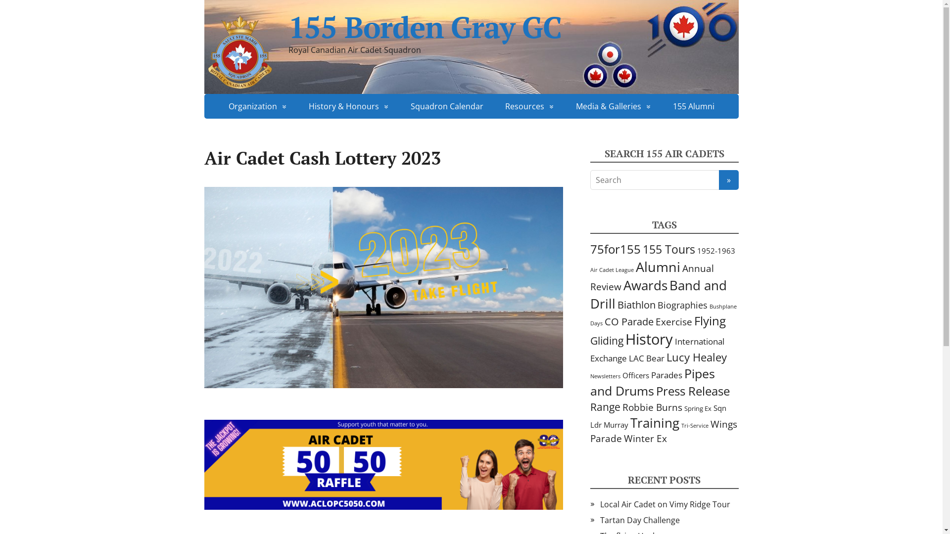 This screenshot has width=950, height=534. Describe the element at coordinates (665, 504) in the screenshot. I see `'Local Air Cadet on Vimy Ridge Tour'` at that location.